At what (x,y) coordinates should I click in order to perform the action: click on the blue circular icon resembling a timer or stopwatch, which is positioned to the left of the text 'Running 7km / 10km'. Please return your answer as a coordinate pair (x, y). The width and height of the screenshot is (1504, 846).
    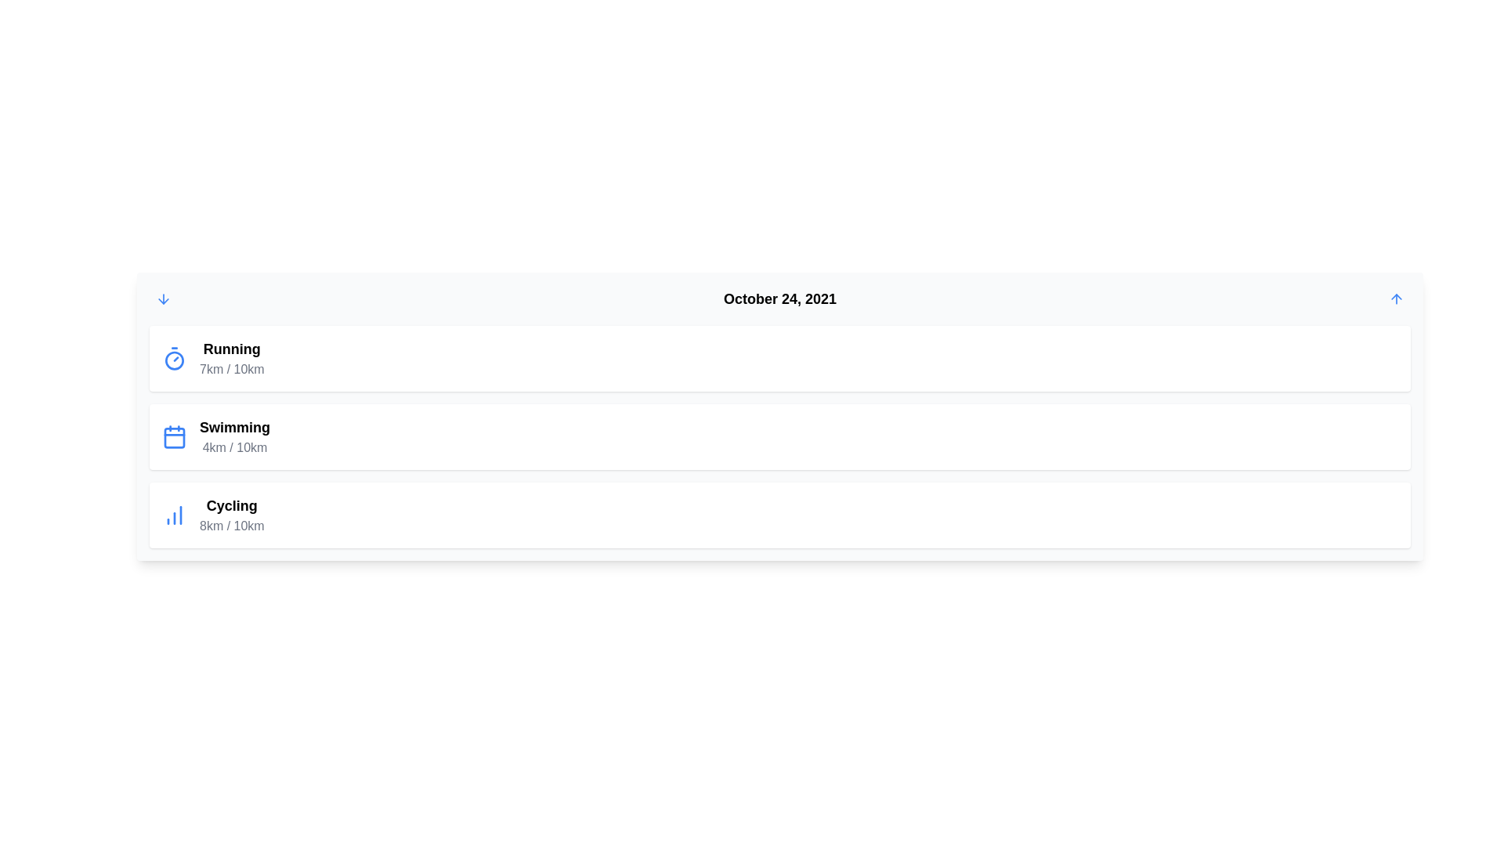
    Looking at the image, I should click on (174, 359).